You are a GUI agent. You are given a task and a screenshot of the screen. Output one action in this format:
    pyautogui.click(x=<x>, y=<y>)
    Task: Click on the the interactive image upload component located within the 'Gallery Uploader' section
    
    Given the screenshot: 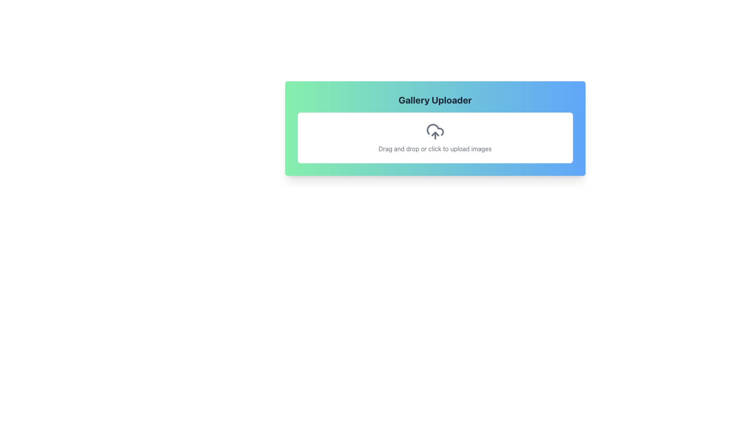 What is the action you would take?
    pyautogui.click(x=435, y=138)
    